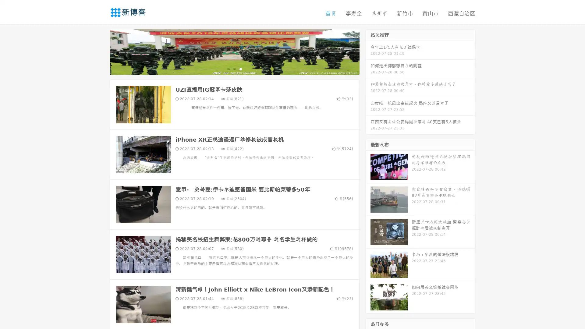 The image size is (585, 329). Describe the element at coordinates (240, 69) in the screenshot. I see `Go to slide 3` at that location.